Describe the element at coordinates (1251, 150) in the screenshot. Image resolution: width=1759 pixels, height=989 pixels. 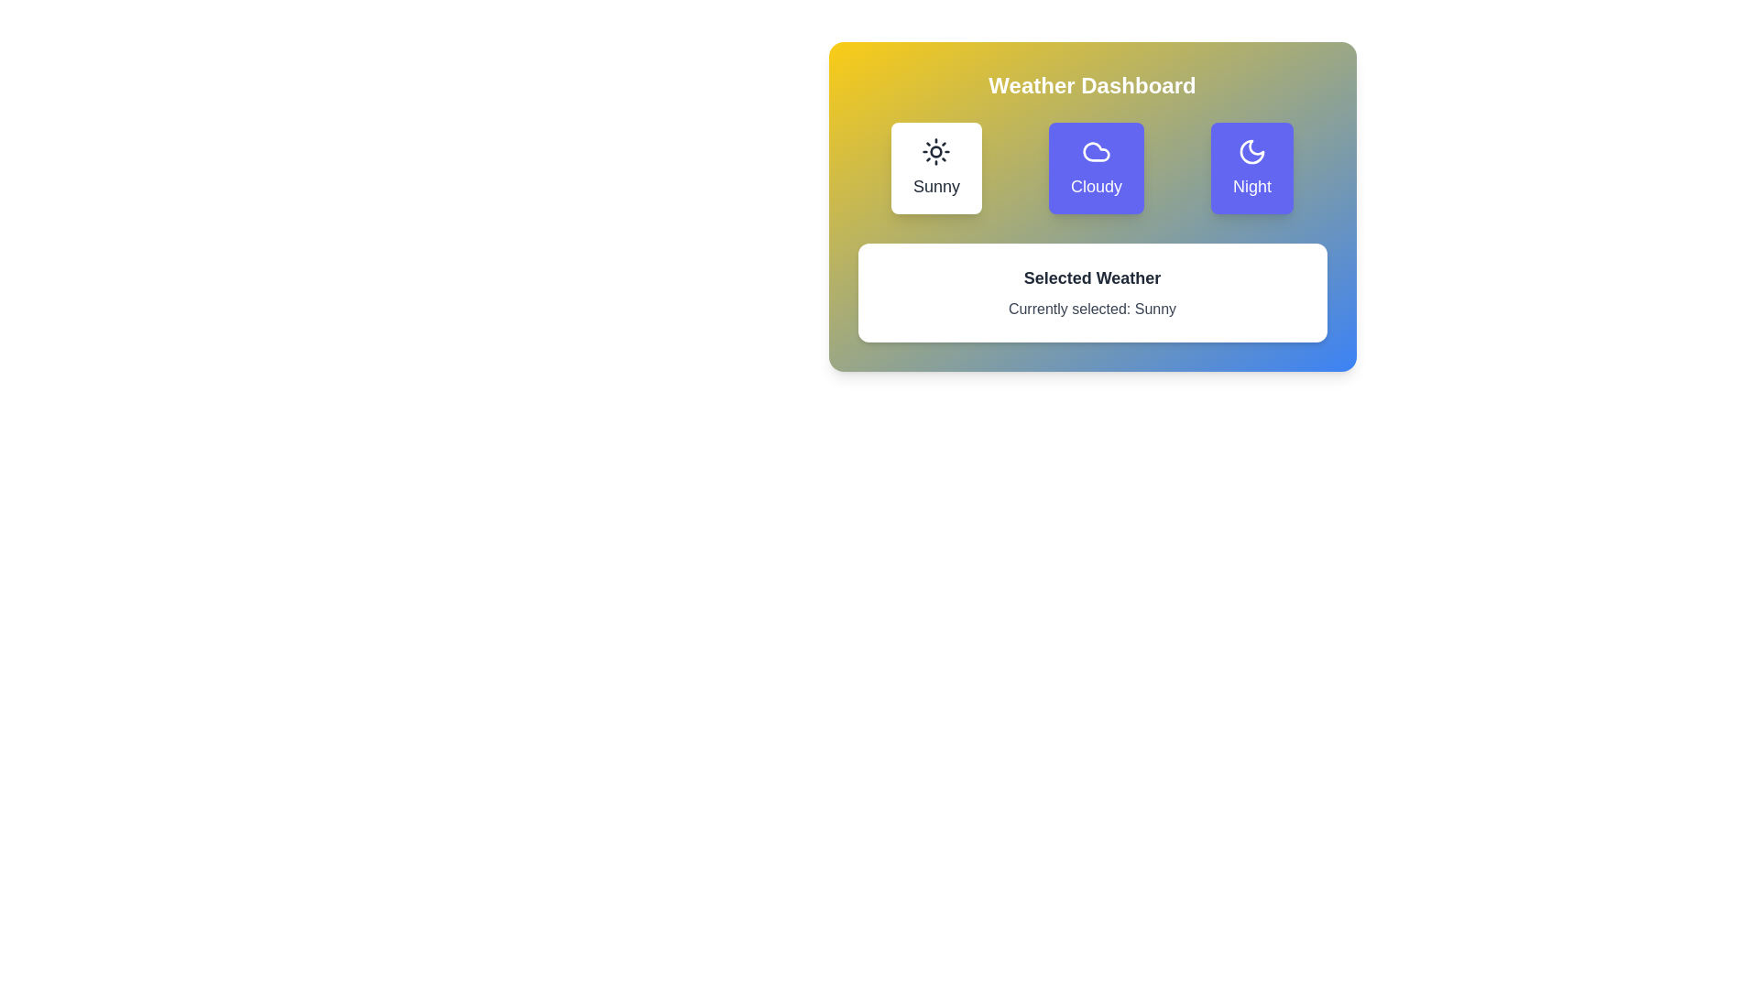
I see `the crescent moon icon in the third button from the left, labeled 'Night'` at that location.